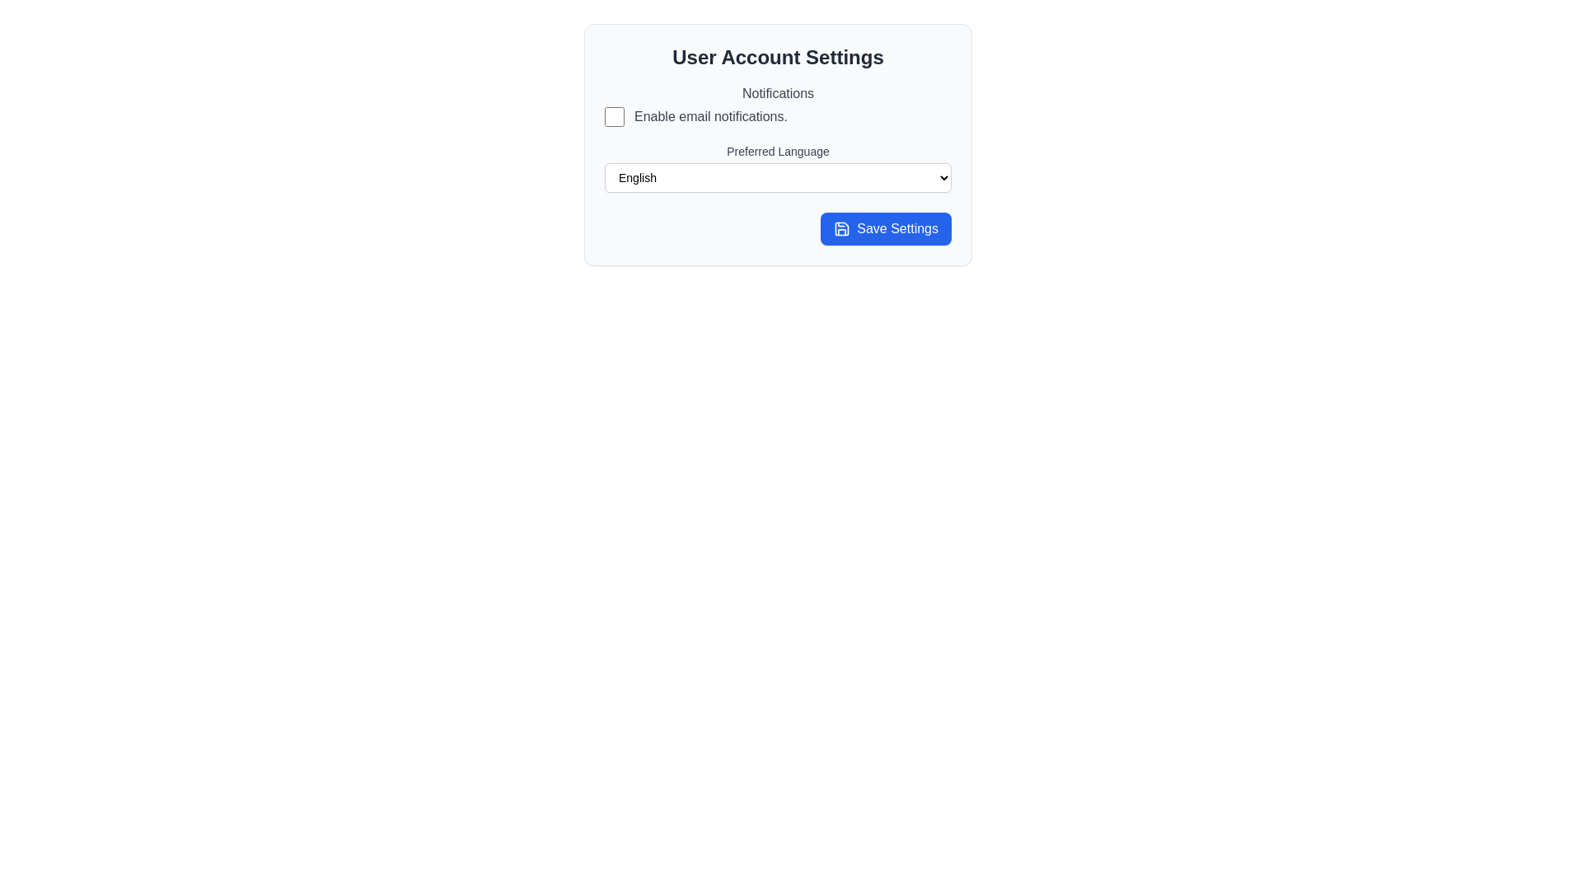 The height and width of the screenshot is (890, 1582). Describe the element at coordinates (777, 116) in the screenshot. I see `the label 'Enable email notifications.'` at that location.